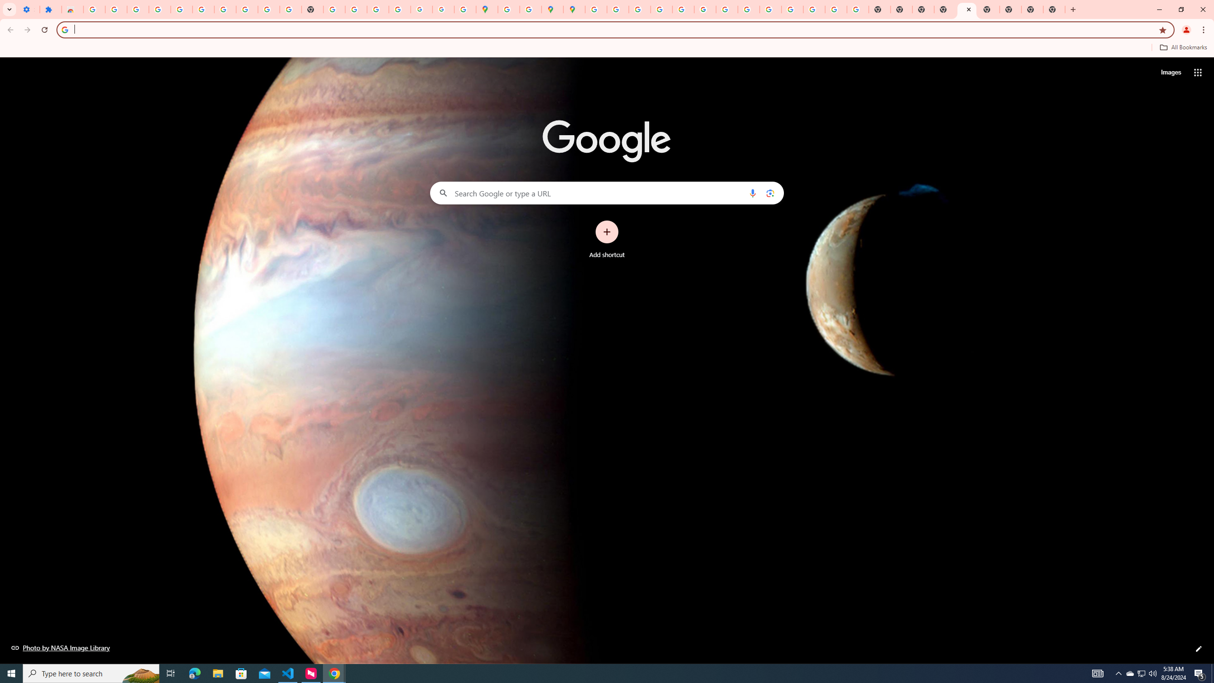  What do you see at coordinates (334, 9) in the screenshot?
I see `'https://scholar.google.com/'` at bounding box center [334, 9].